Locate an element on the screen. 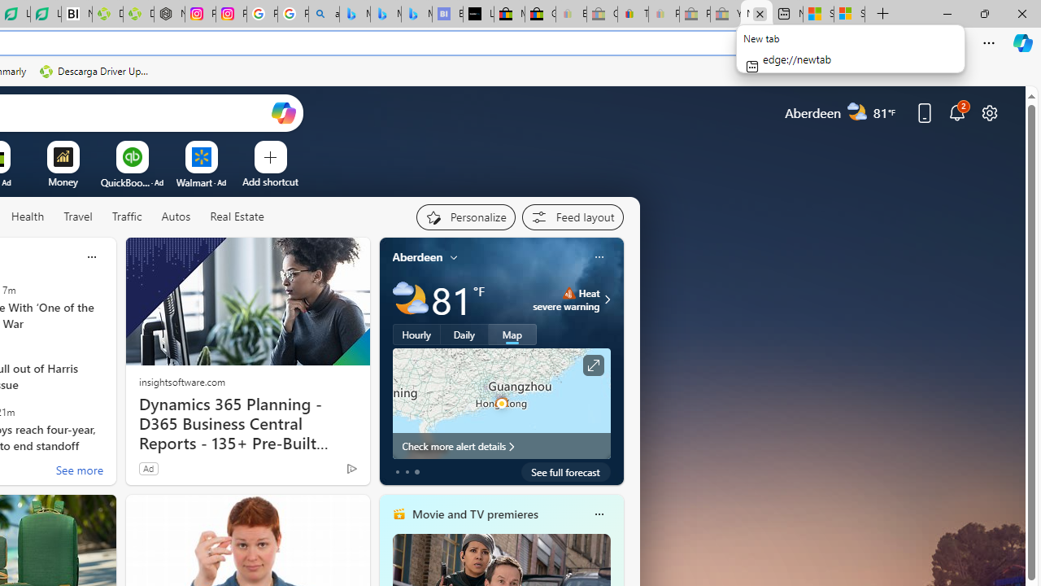 This screenshot has height=586, width=1041. 'Open Copilot' is located at coordinates (283, 112).